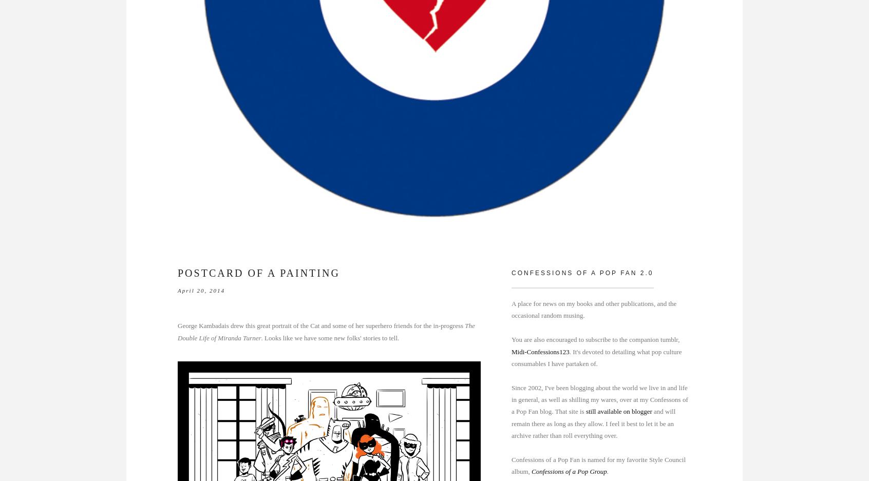 The image size is (869, 481). What do you see at coordinates (569, 471) in the screenshot?
I see `'Confessions of a Pop Group'` at bounding box center [569, 471].